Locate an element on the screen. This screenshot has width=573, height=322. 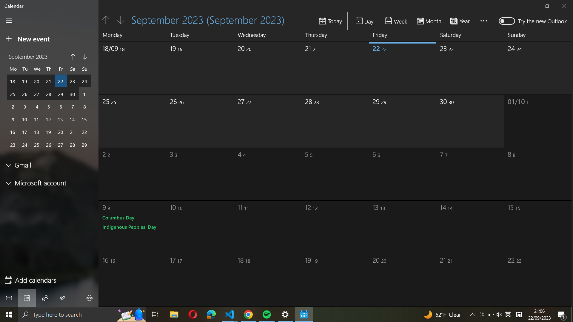
the date September 30th is located at coordinates (470, 66).